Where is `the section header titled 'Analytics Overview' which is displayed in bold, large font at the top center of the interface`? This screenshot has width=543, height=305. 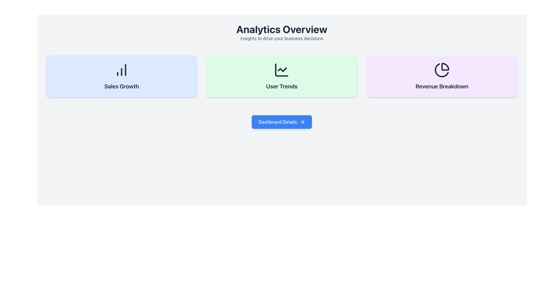 the section header titled 'Analytics Overview' which is displayed in bold, large font at the top center of the interface is located at coordinates (282, 32).